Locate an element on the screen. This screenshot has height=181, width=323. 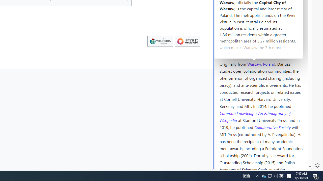
'AutomationID: footer-copyrightico' is located at coordinates (160, 41).